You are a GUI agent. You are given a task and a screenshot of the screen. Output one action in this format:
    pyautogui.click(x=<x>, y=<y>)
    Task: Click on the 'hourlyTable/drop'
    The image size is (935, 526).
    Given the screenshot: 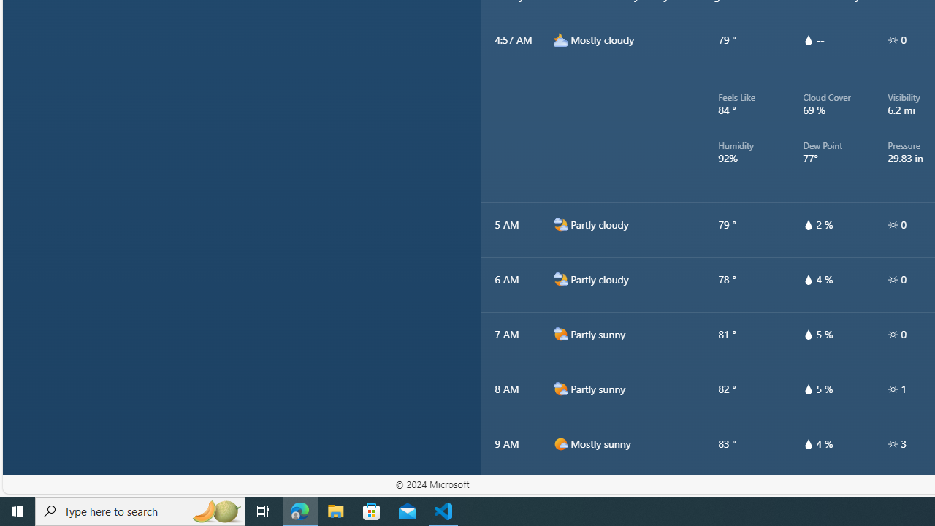 What is the action you would take?
    pyautogui.click(x=807, y=443)
    